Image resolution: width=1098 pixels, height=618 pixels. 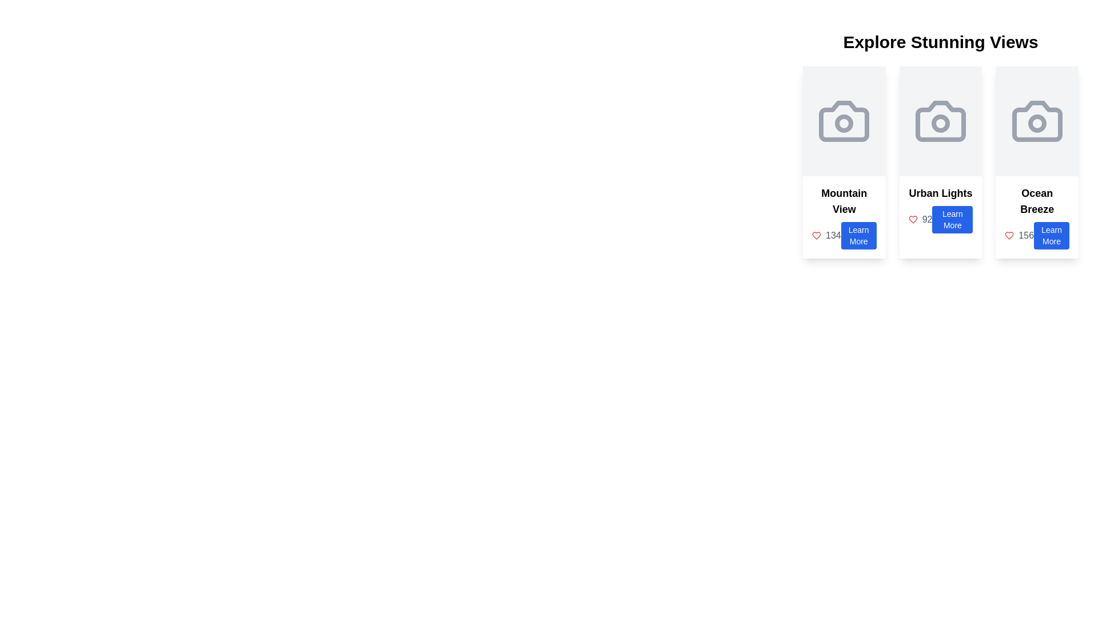 I want to click on the 'Learn More' button with a blue background and white text located at the bottom of the 'Urban Lights' card, so click(x=952, y=220).